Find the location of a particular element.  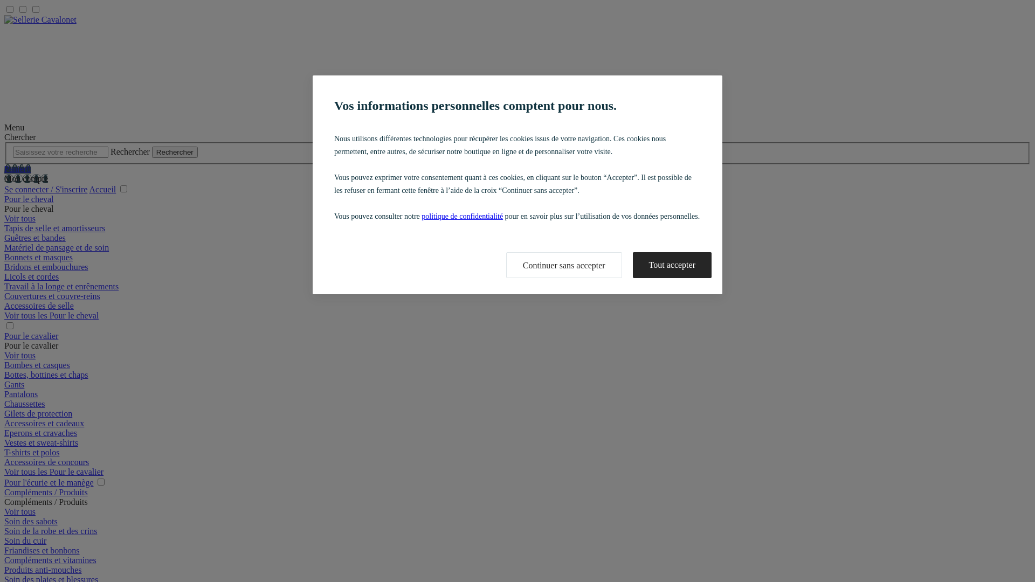

'Vestes et sweat-shirts' is located at coordinates (41, 442).